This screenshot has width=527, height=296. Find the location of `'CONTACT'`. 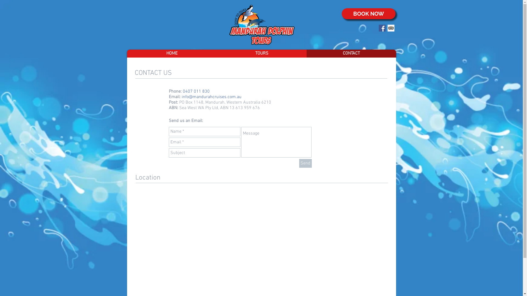

'CONTACT' is located at coordinates (351, 53).